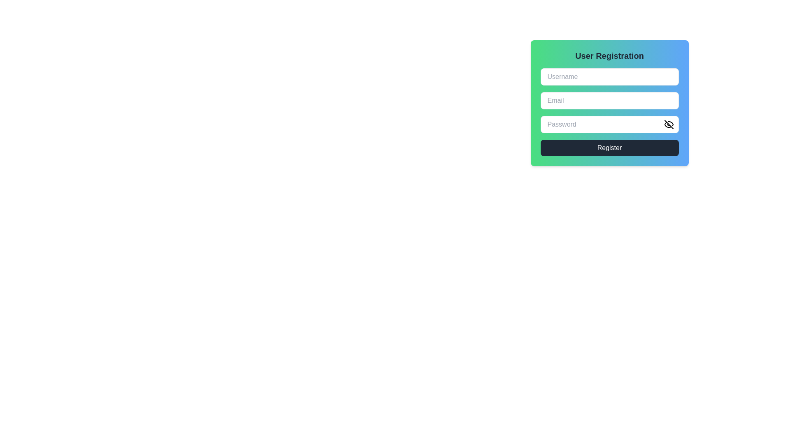 This screenshot has width=790, height=444. I want to click on the password visibility toggle icon button located to the right of the password input field, so click(669, 125).